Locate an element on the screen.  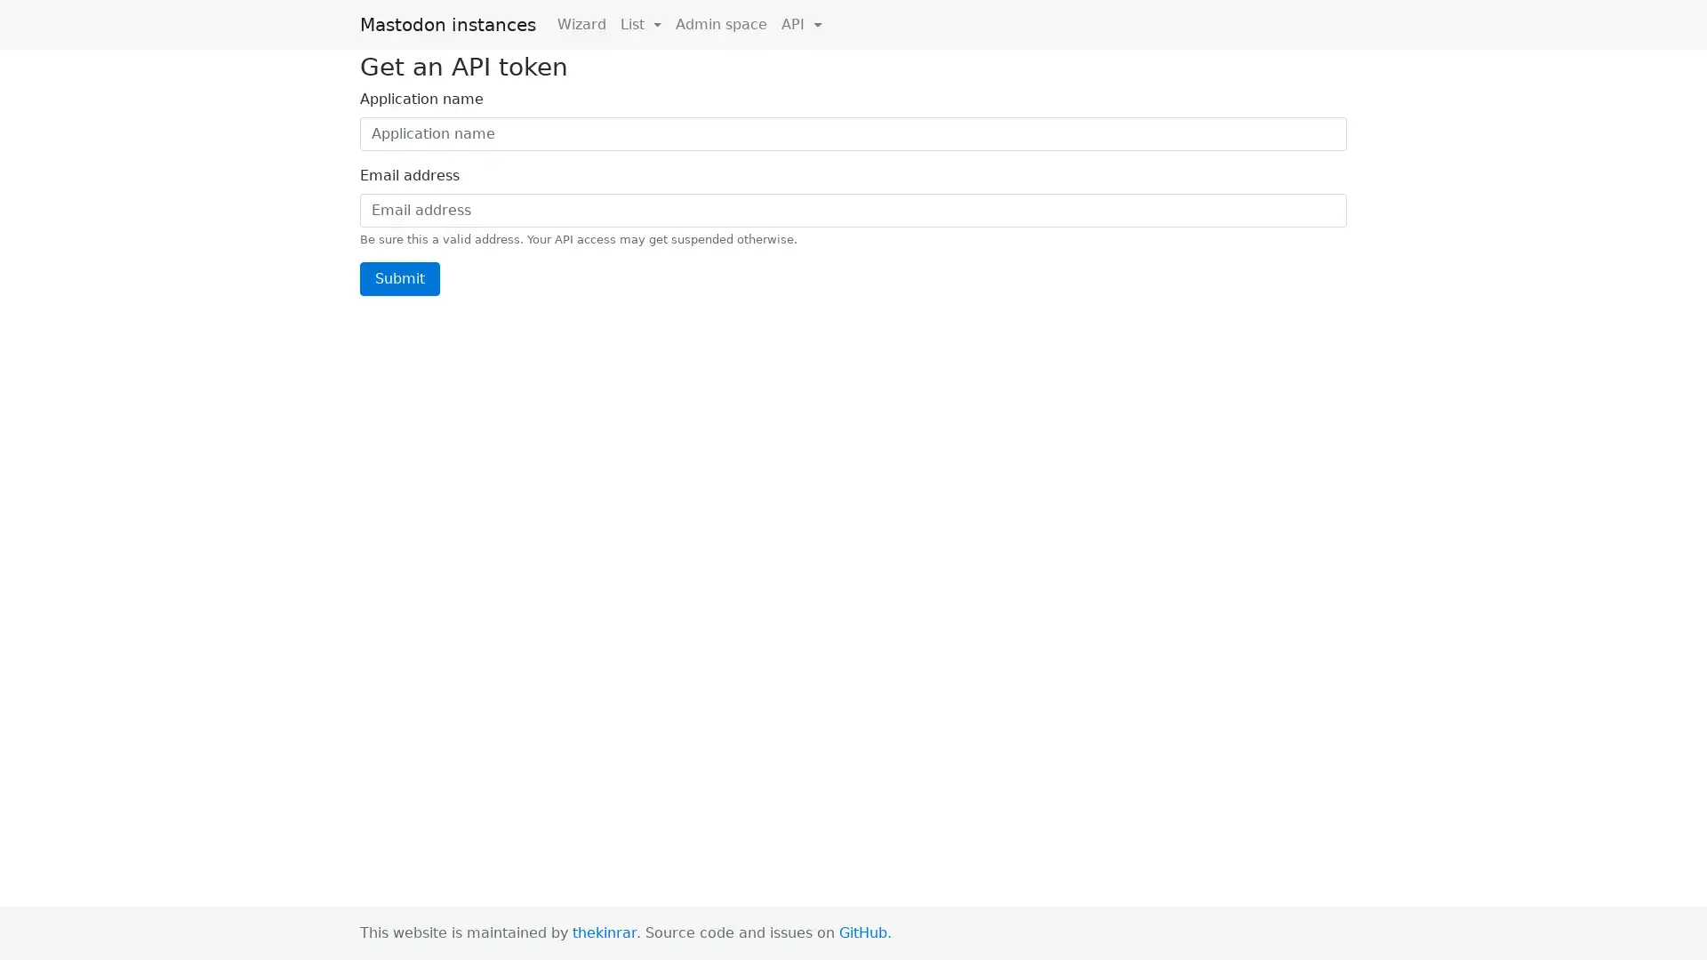
Submit is located at coordinates (399, 277).